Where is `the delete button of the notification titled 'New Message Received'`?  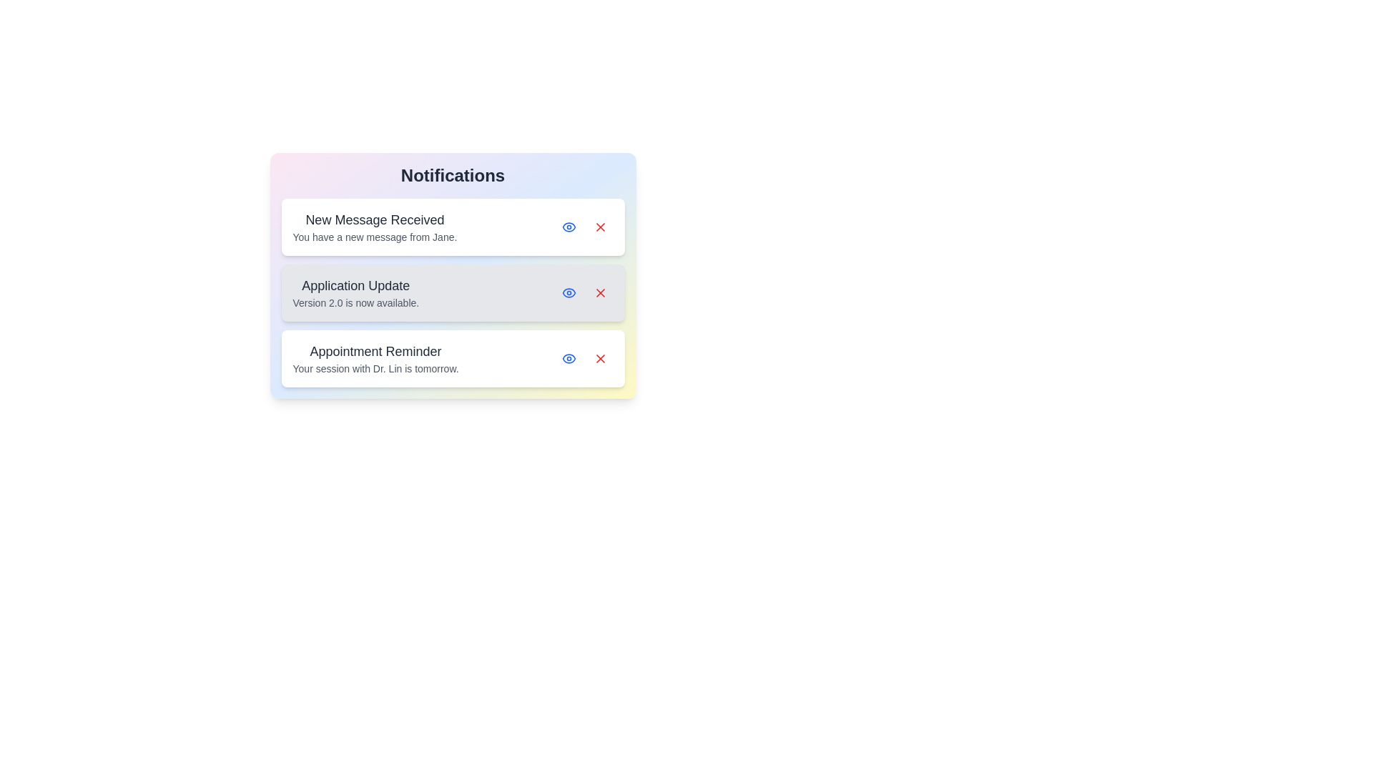
the delete button of the notification titled 'New Message Received' is located at coordinates (600, 226).